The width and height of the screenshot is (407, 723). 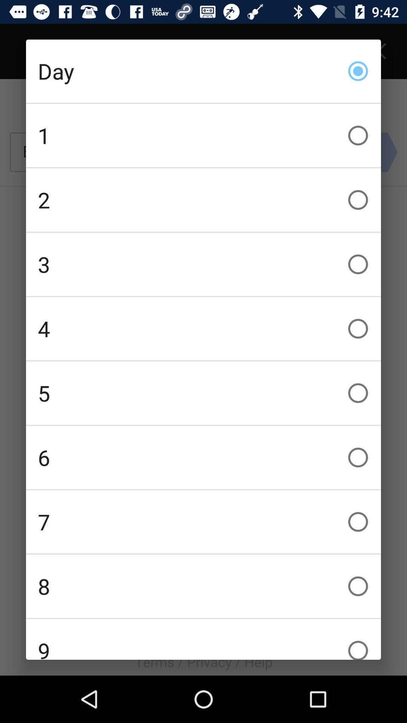 I want to click on the 5 checkbox, so click(x=203, y=392).